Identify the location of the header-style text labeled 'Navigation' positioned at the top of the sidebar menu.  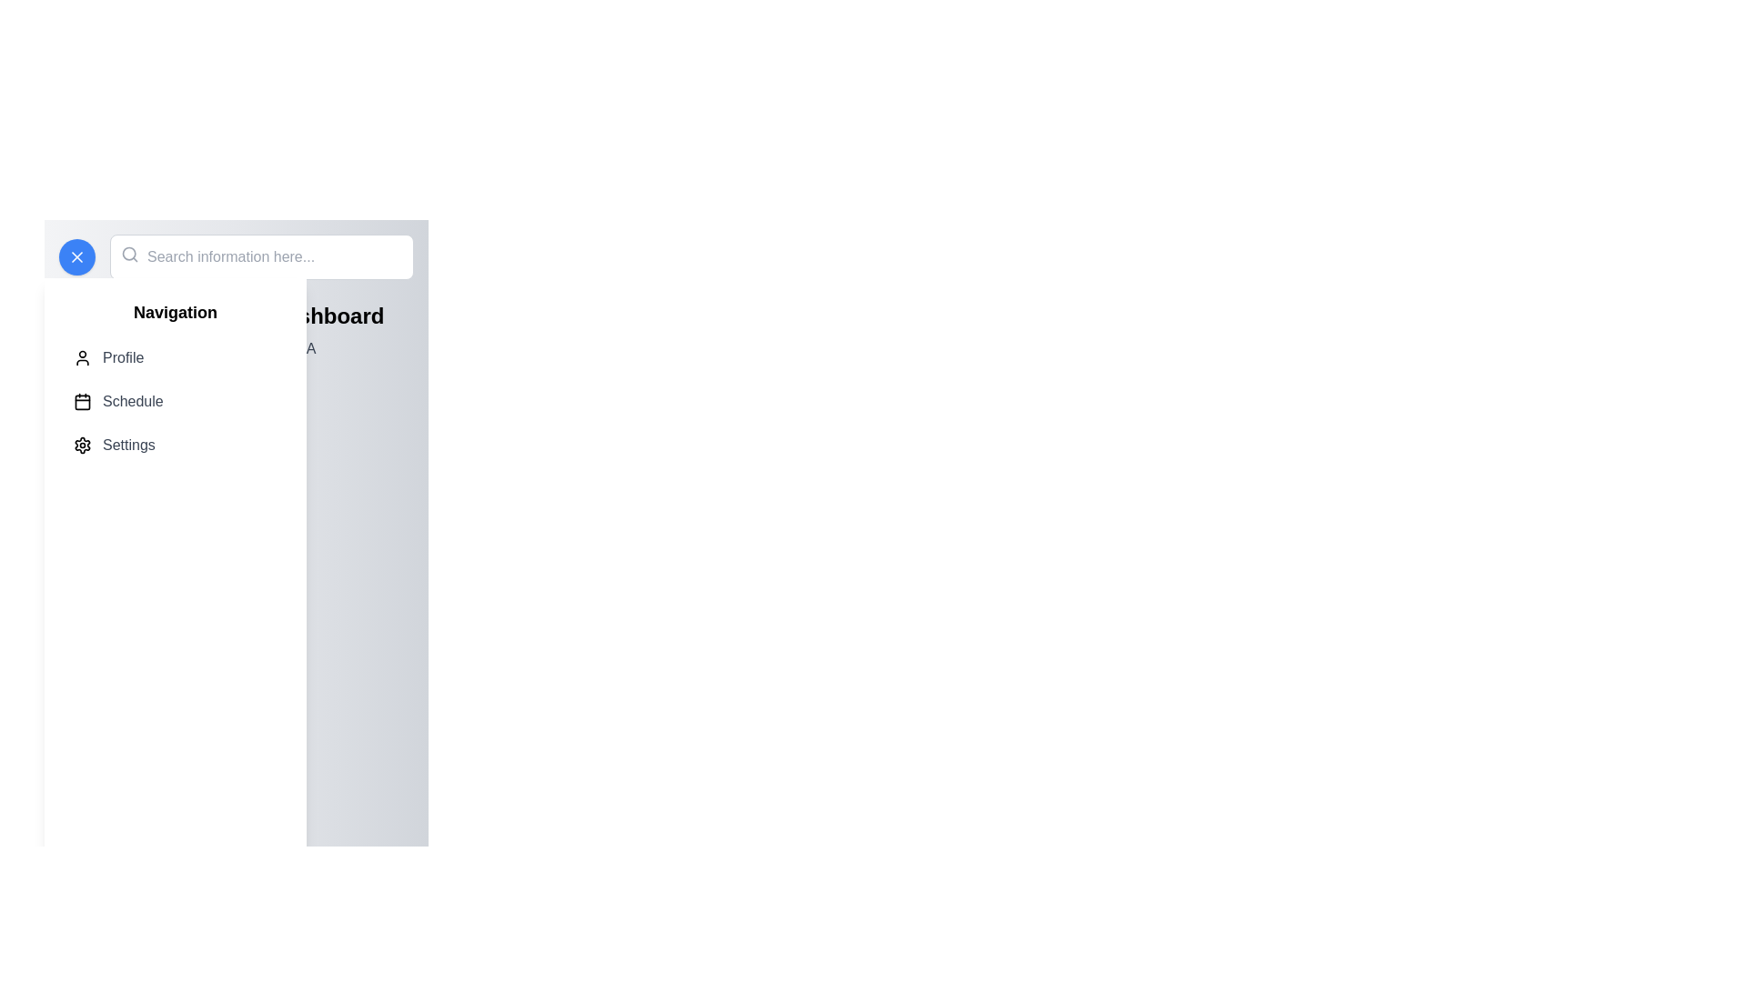
(175, 311).